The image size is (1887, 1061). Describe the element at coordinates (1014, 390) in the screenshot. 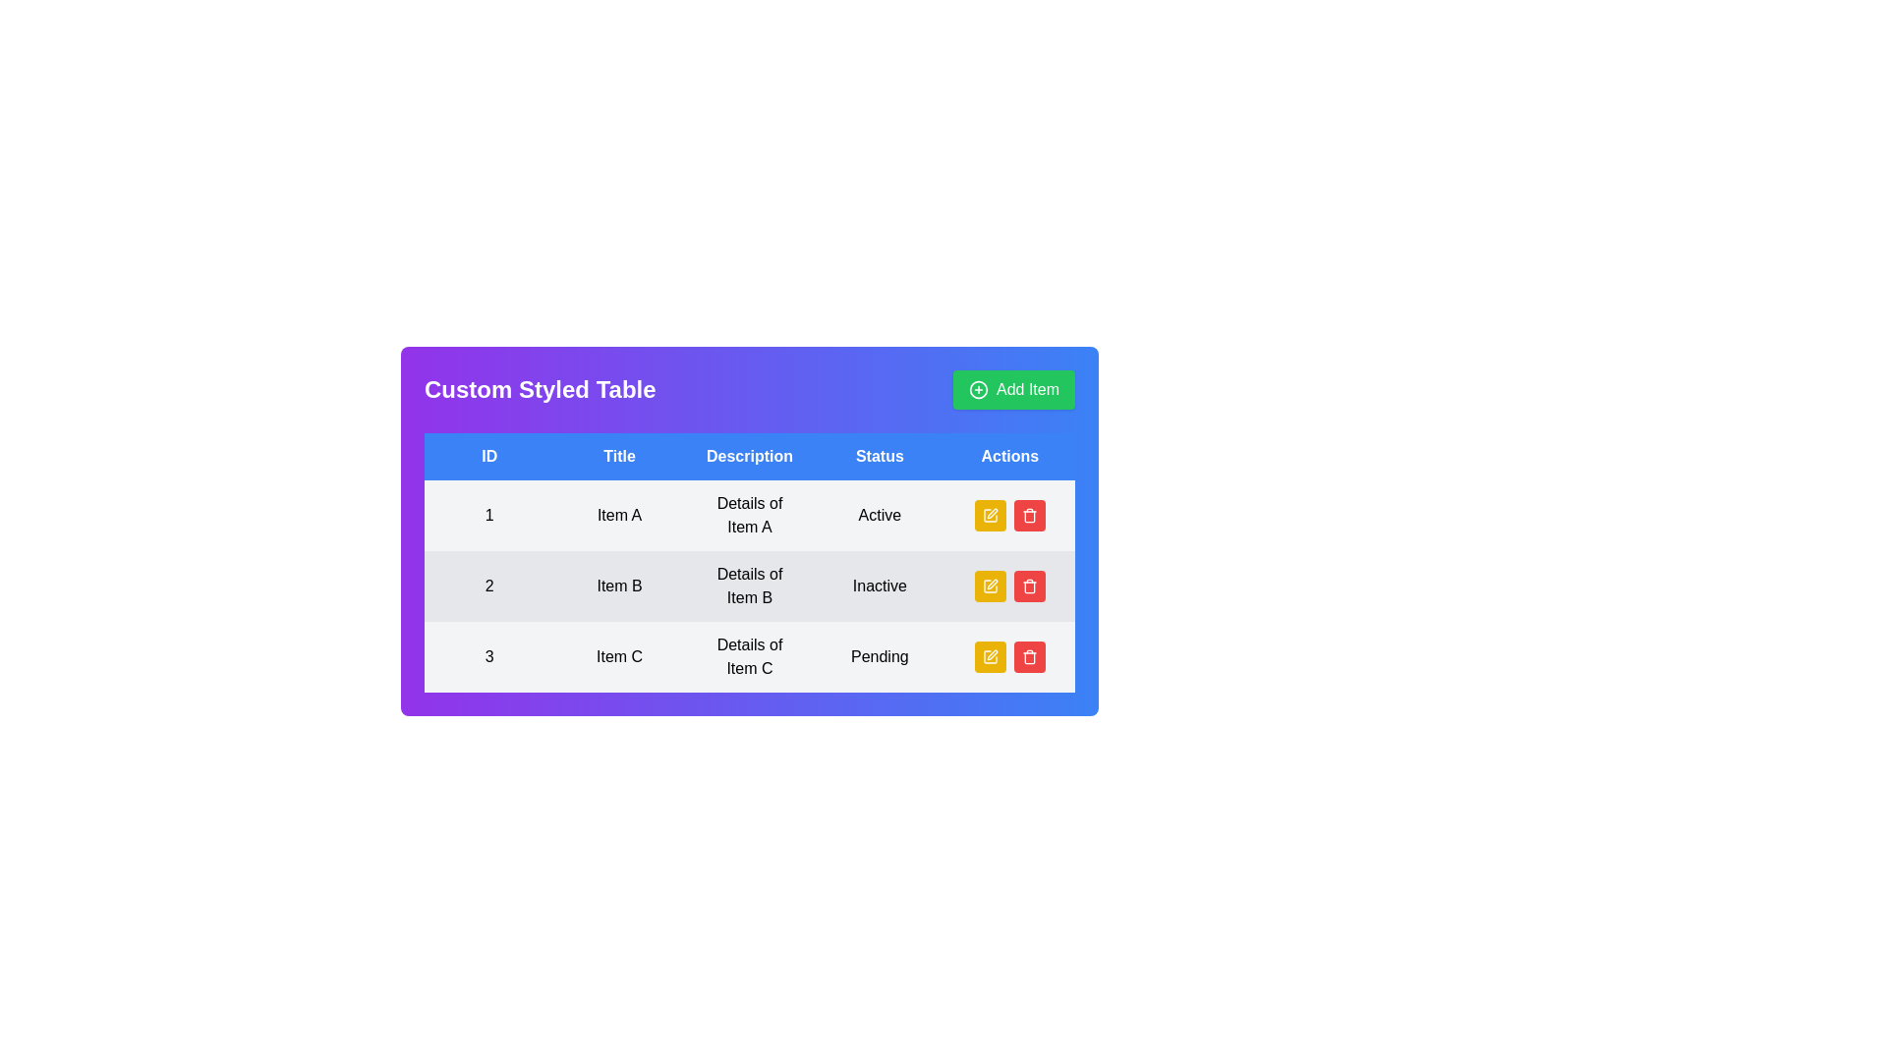

I see `the green rectangular button labeled 'Add Item' located at the top-right corner of the 'Custom Styled Table' header` at that location.